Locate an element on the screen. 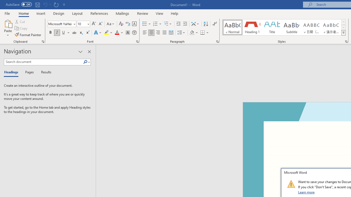  'Bullets' is located at coordinates (145, 24).